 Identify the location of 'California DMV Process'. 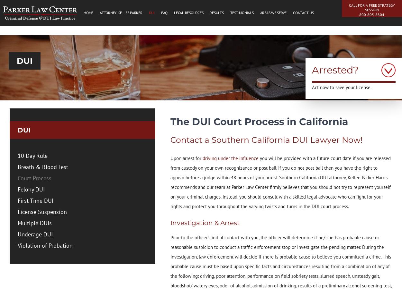
(200, 71).